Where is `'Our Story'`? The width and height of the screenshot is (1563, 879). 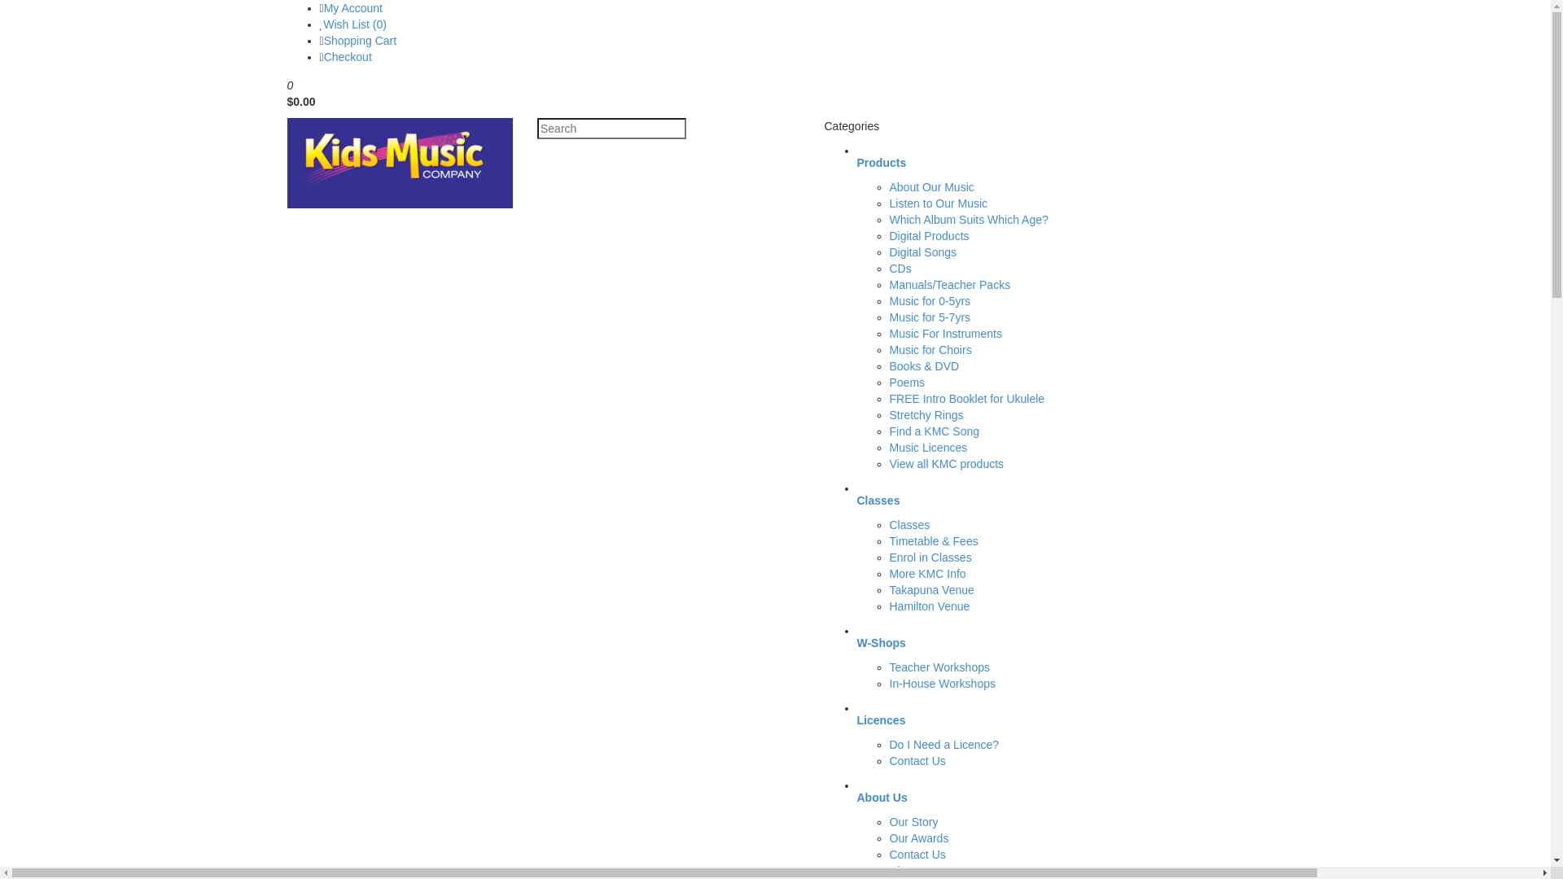 'Our Story' is located at coordinates (913, 822).